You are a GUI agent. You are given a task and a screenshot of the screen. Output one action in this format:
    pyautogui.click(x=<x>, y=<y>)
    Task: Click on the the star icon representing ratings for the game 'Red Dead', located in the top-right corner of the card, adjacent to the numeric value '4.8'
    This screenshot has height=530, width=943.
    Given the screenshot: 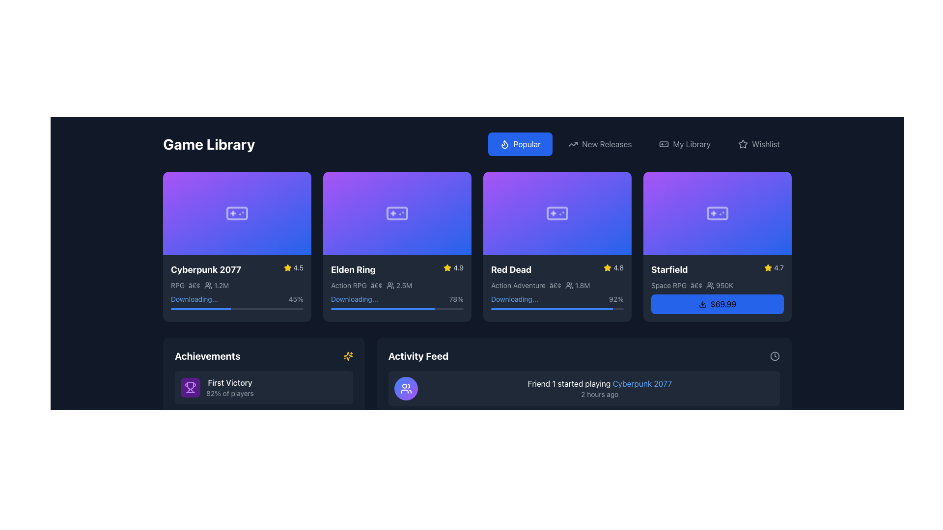 What is the action you would take?
    pyautogui.click(x=607, y=267)
    